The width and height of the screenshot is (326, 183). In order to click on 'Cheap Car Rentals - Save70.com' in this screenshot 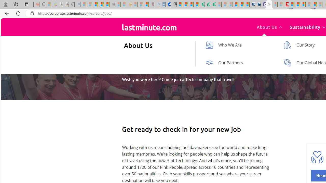, I will do `click(252, 4)`.